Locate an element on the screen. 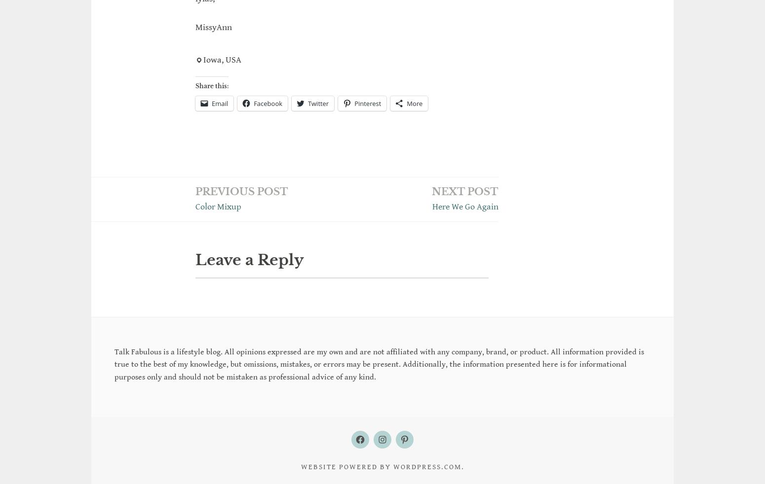  'Pinterest' is located at coordinates (354, 102).